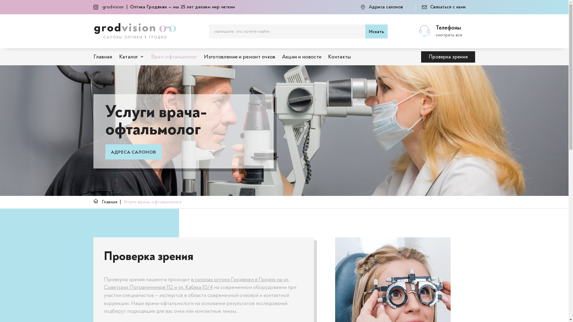 This screenshot has width=573, height=322. I want to click on 'grodvision', so click(113, 7).